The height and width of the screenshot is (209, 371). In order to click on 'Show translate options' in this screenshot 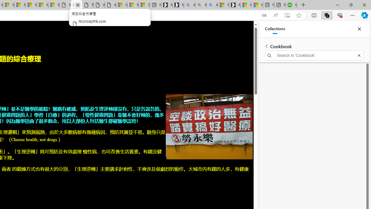, I will do `click(263, 15)`.